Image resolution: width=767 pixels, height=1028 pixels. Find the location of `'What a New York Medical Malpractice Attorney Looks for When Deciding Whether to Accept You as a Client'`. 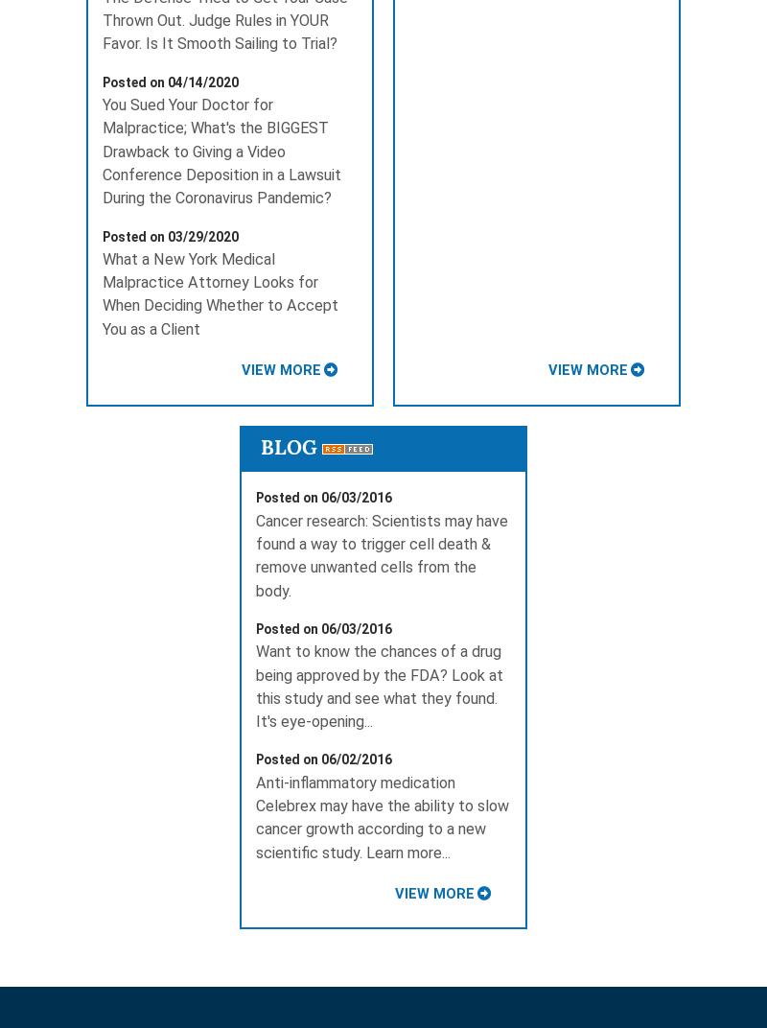

'What a New York Medical Malpractice Attorney Looks for When Deciding Whether to Accept You as a Client' is located at coordinates (220, 292).